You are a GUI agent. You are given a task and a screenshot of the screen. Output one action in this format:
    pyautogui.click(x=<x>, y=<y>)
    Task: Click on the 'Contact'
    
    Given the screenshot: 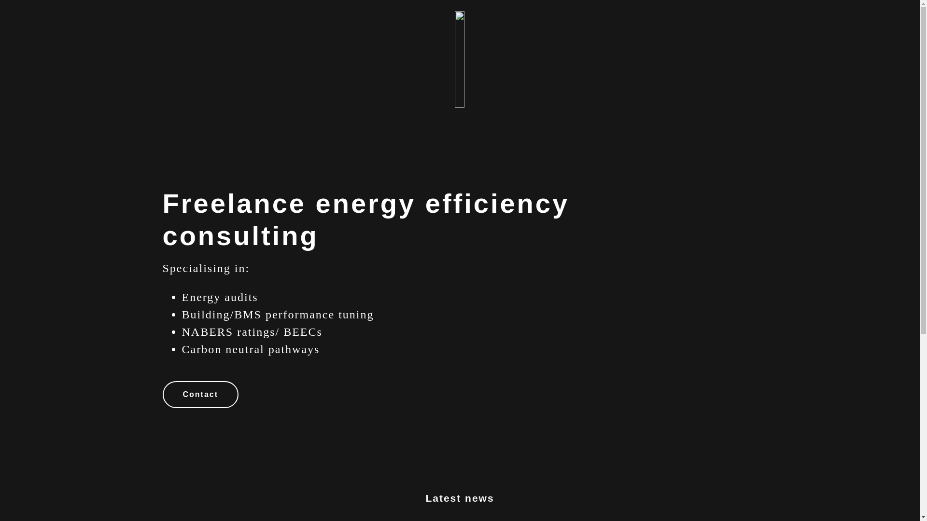 What is the action you would take?
    pyautogui.click(x=199, y=394)
    